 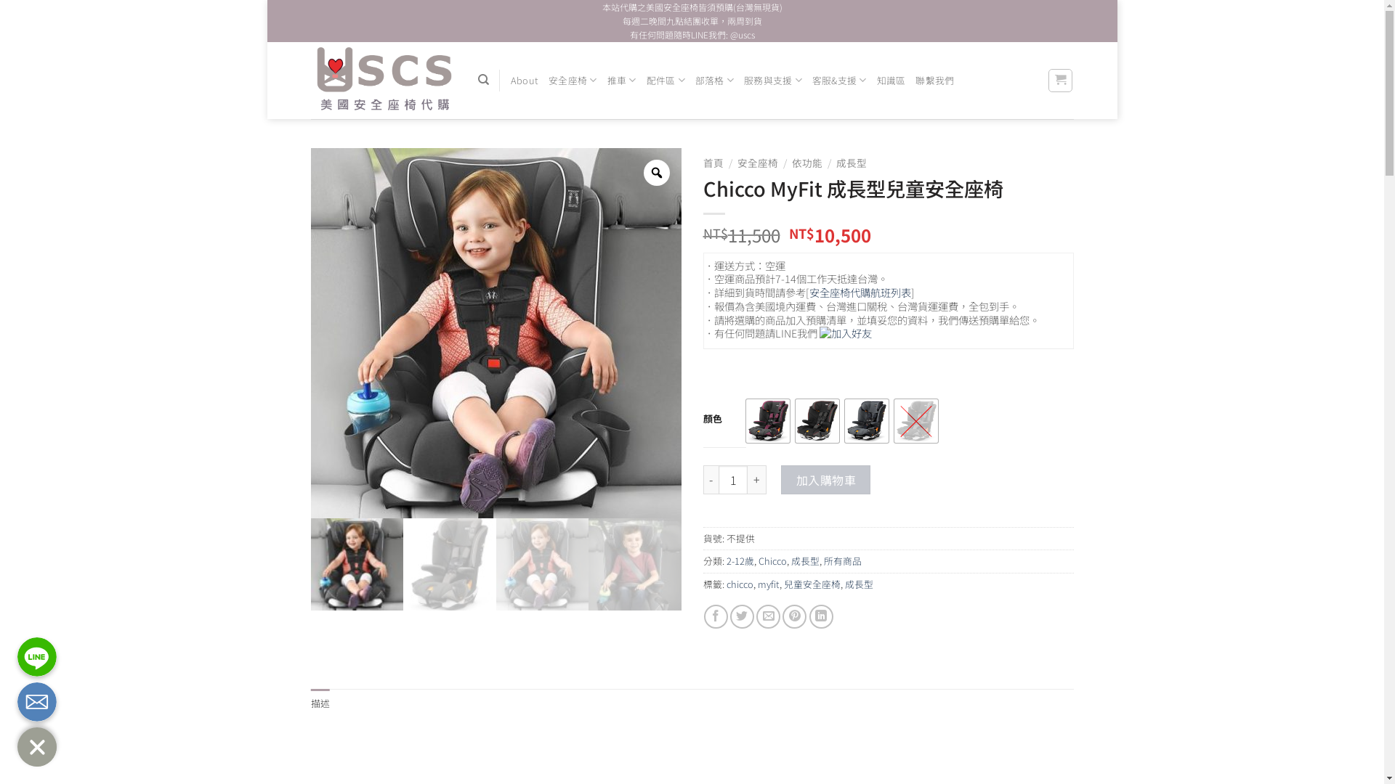 What do you see at coordinates (357, 564) in the screenshot?
I see `'01'` at bounding box center [357, 564].